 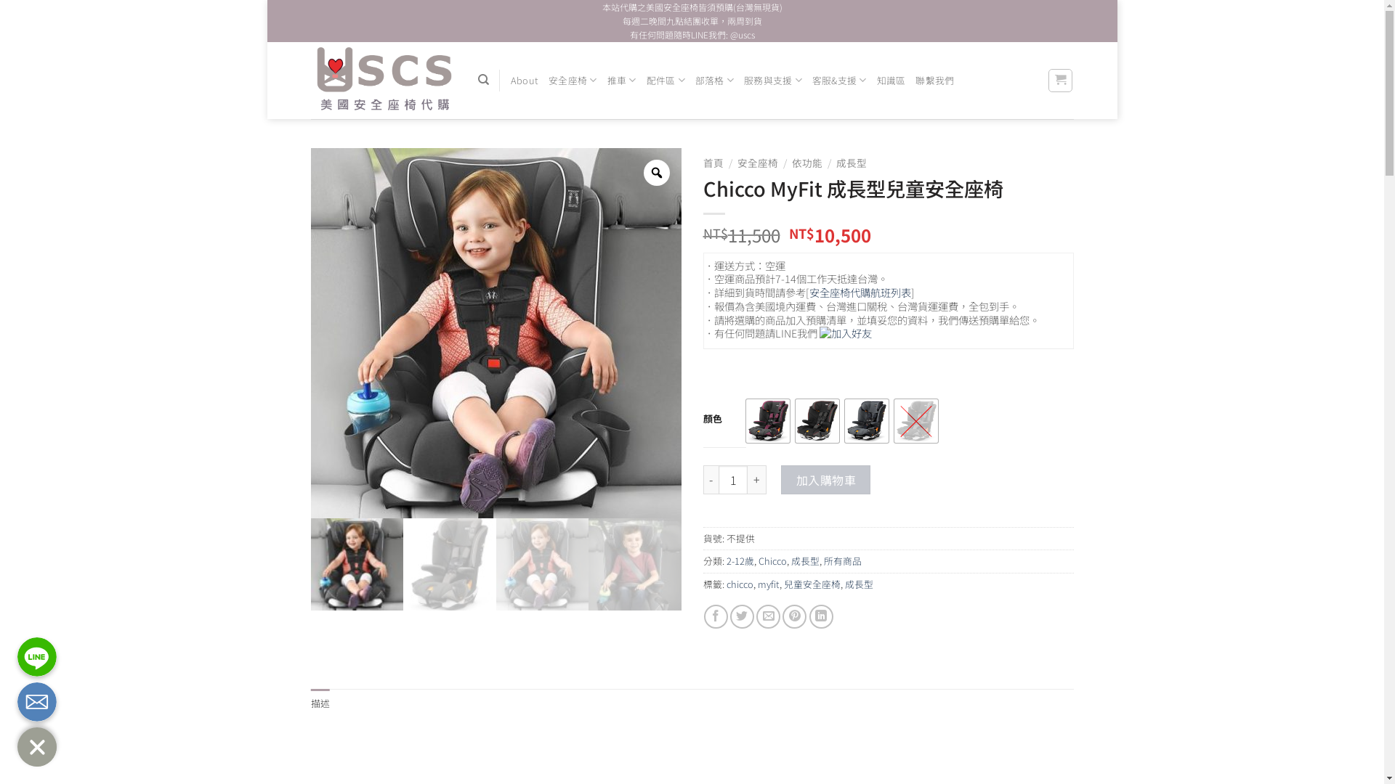 What do you see at coordinates (357, 564) in the screenshot?
I see `'01'` at bounding box center [357, 564].